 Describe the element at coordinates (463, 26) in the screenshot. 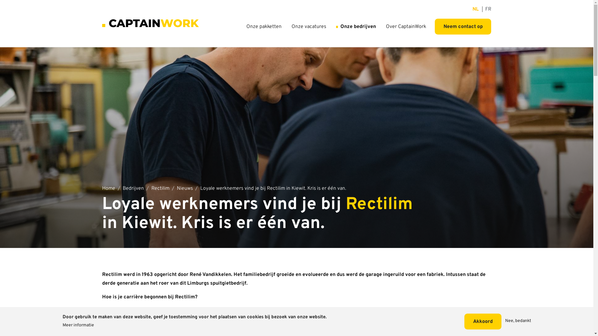

I see `'Neem contact op'` at that location.